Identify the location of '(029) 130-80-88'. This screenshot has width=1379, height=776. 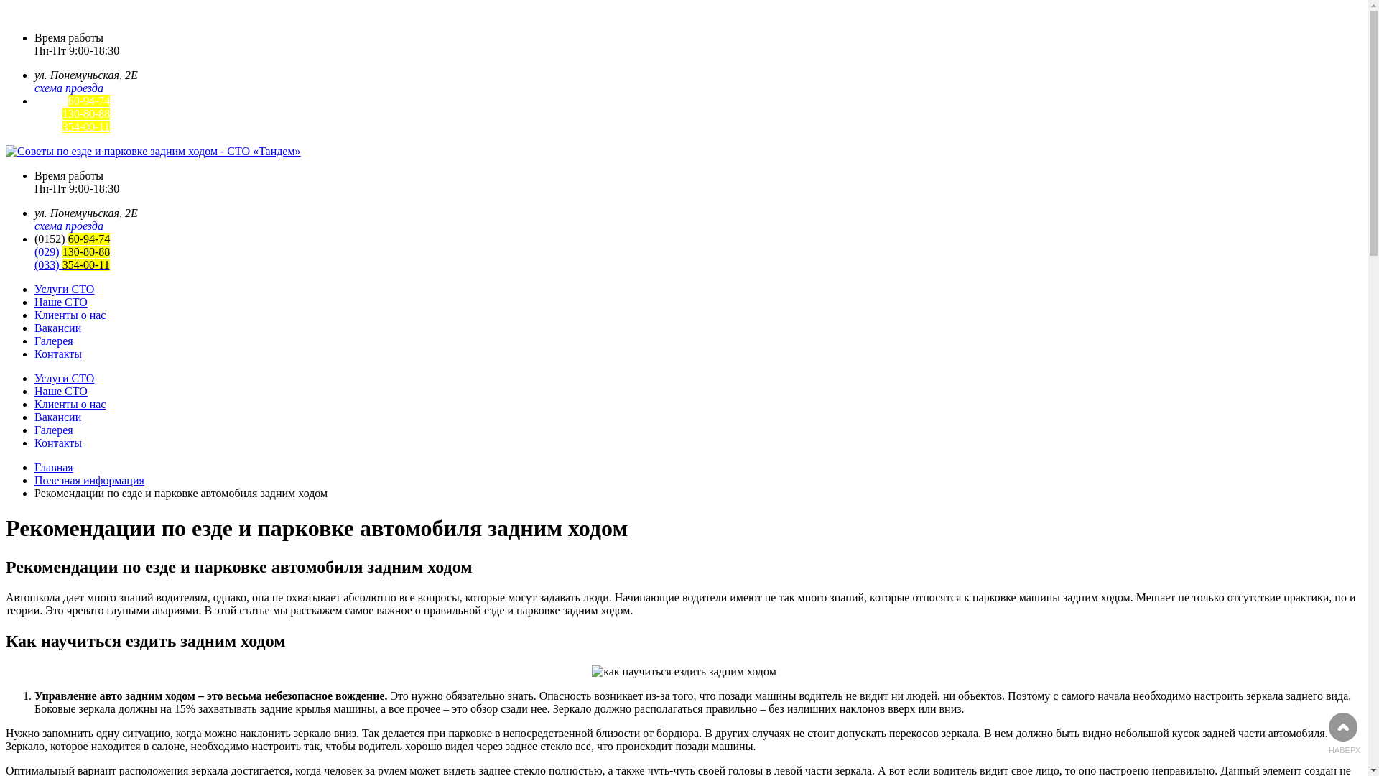
(34, 113).